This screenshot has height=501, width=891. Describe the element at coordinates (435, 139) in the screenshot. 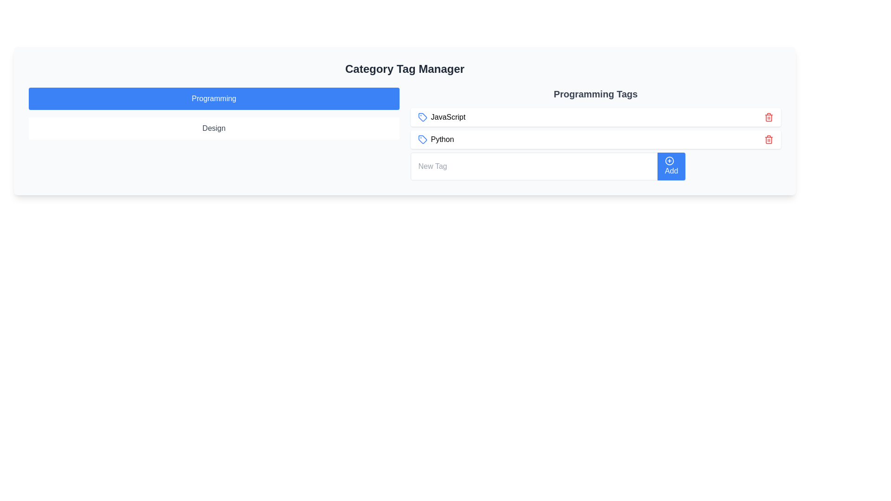

I see `the label displaying 'Python' with a blue tag-shaped icon, located under the 'Programming Tags' header on the right side of the interface` at that location.